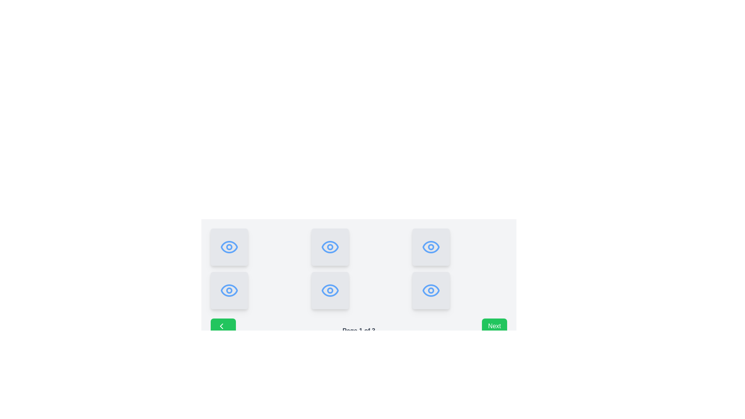  Describe the element at coordinates (229, 247) in the screenshot. I see `the top-left button of the 3x3 grid layout` at that location.